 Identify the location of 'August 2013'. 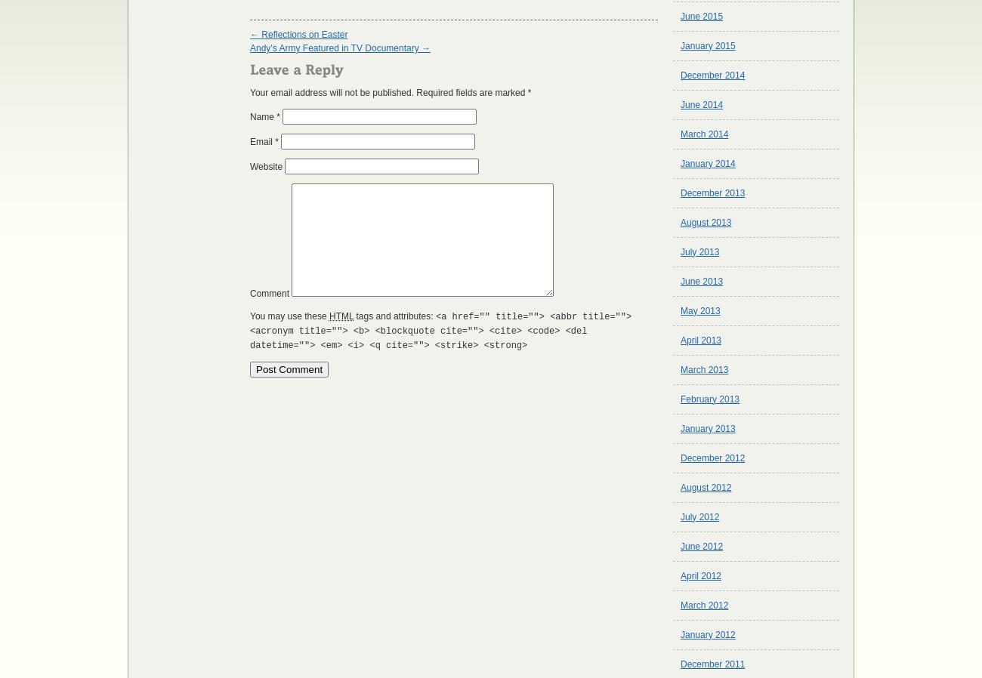
(706, 222).